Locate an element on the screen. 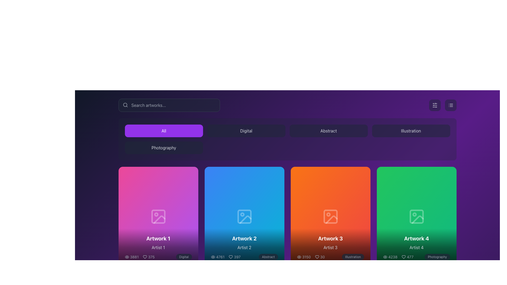 The height and width of the screenshot is (285, 507). the static text label that names the artist associated with the visual content in the card labeled 'Artwork 3', located at the bottom-central section of the card is located at coordinates (330, 247).